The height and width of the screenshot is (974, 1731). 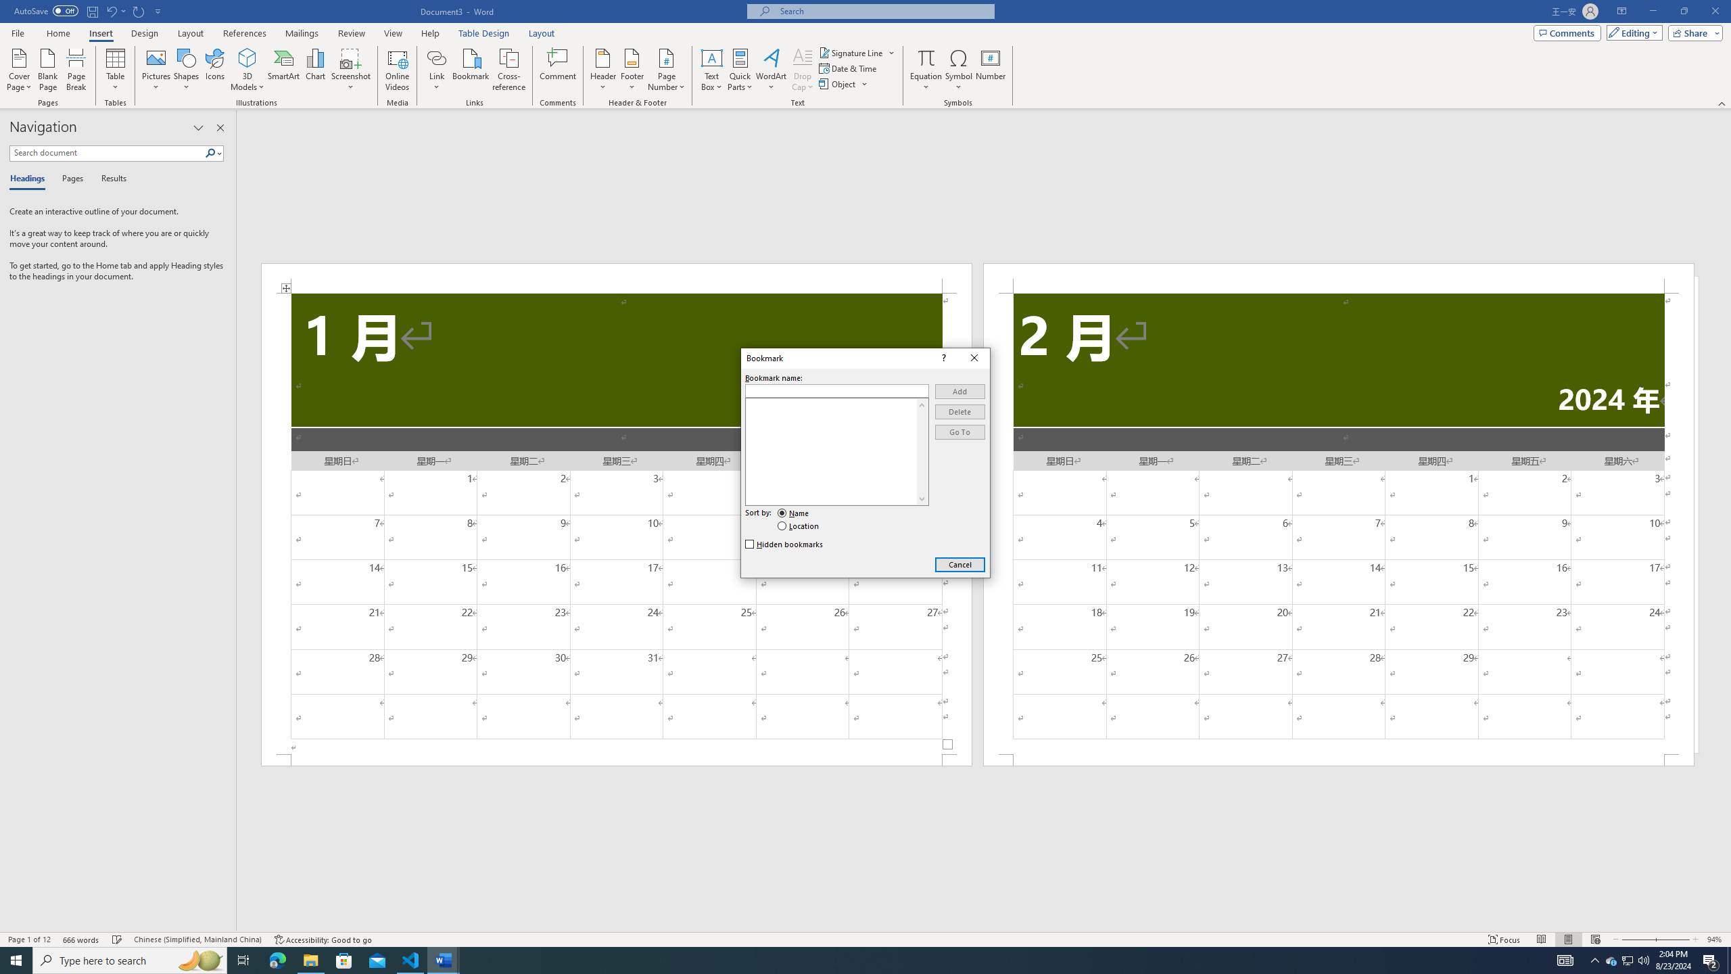 I want to click on 'Footer -Section 2-', so click(x=1339, y=759).